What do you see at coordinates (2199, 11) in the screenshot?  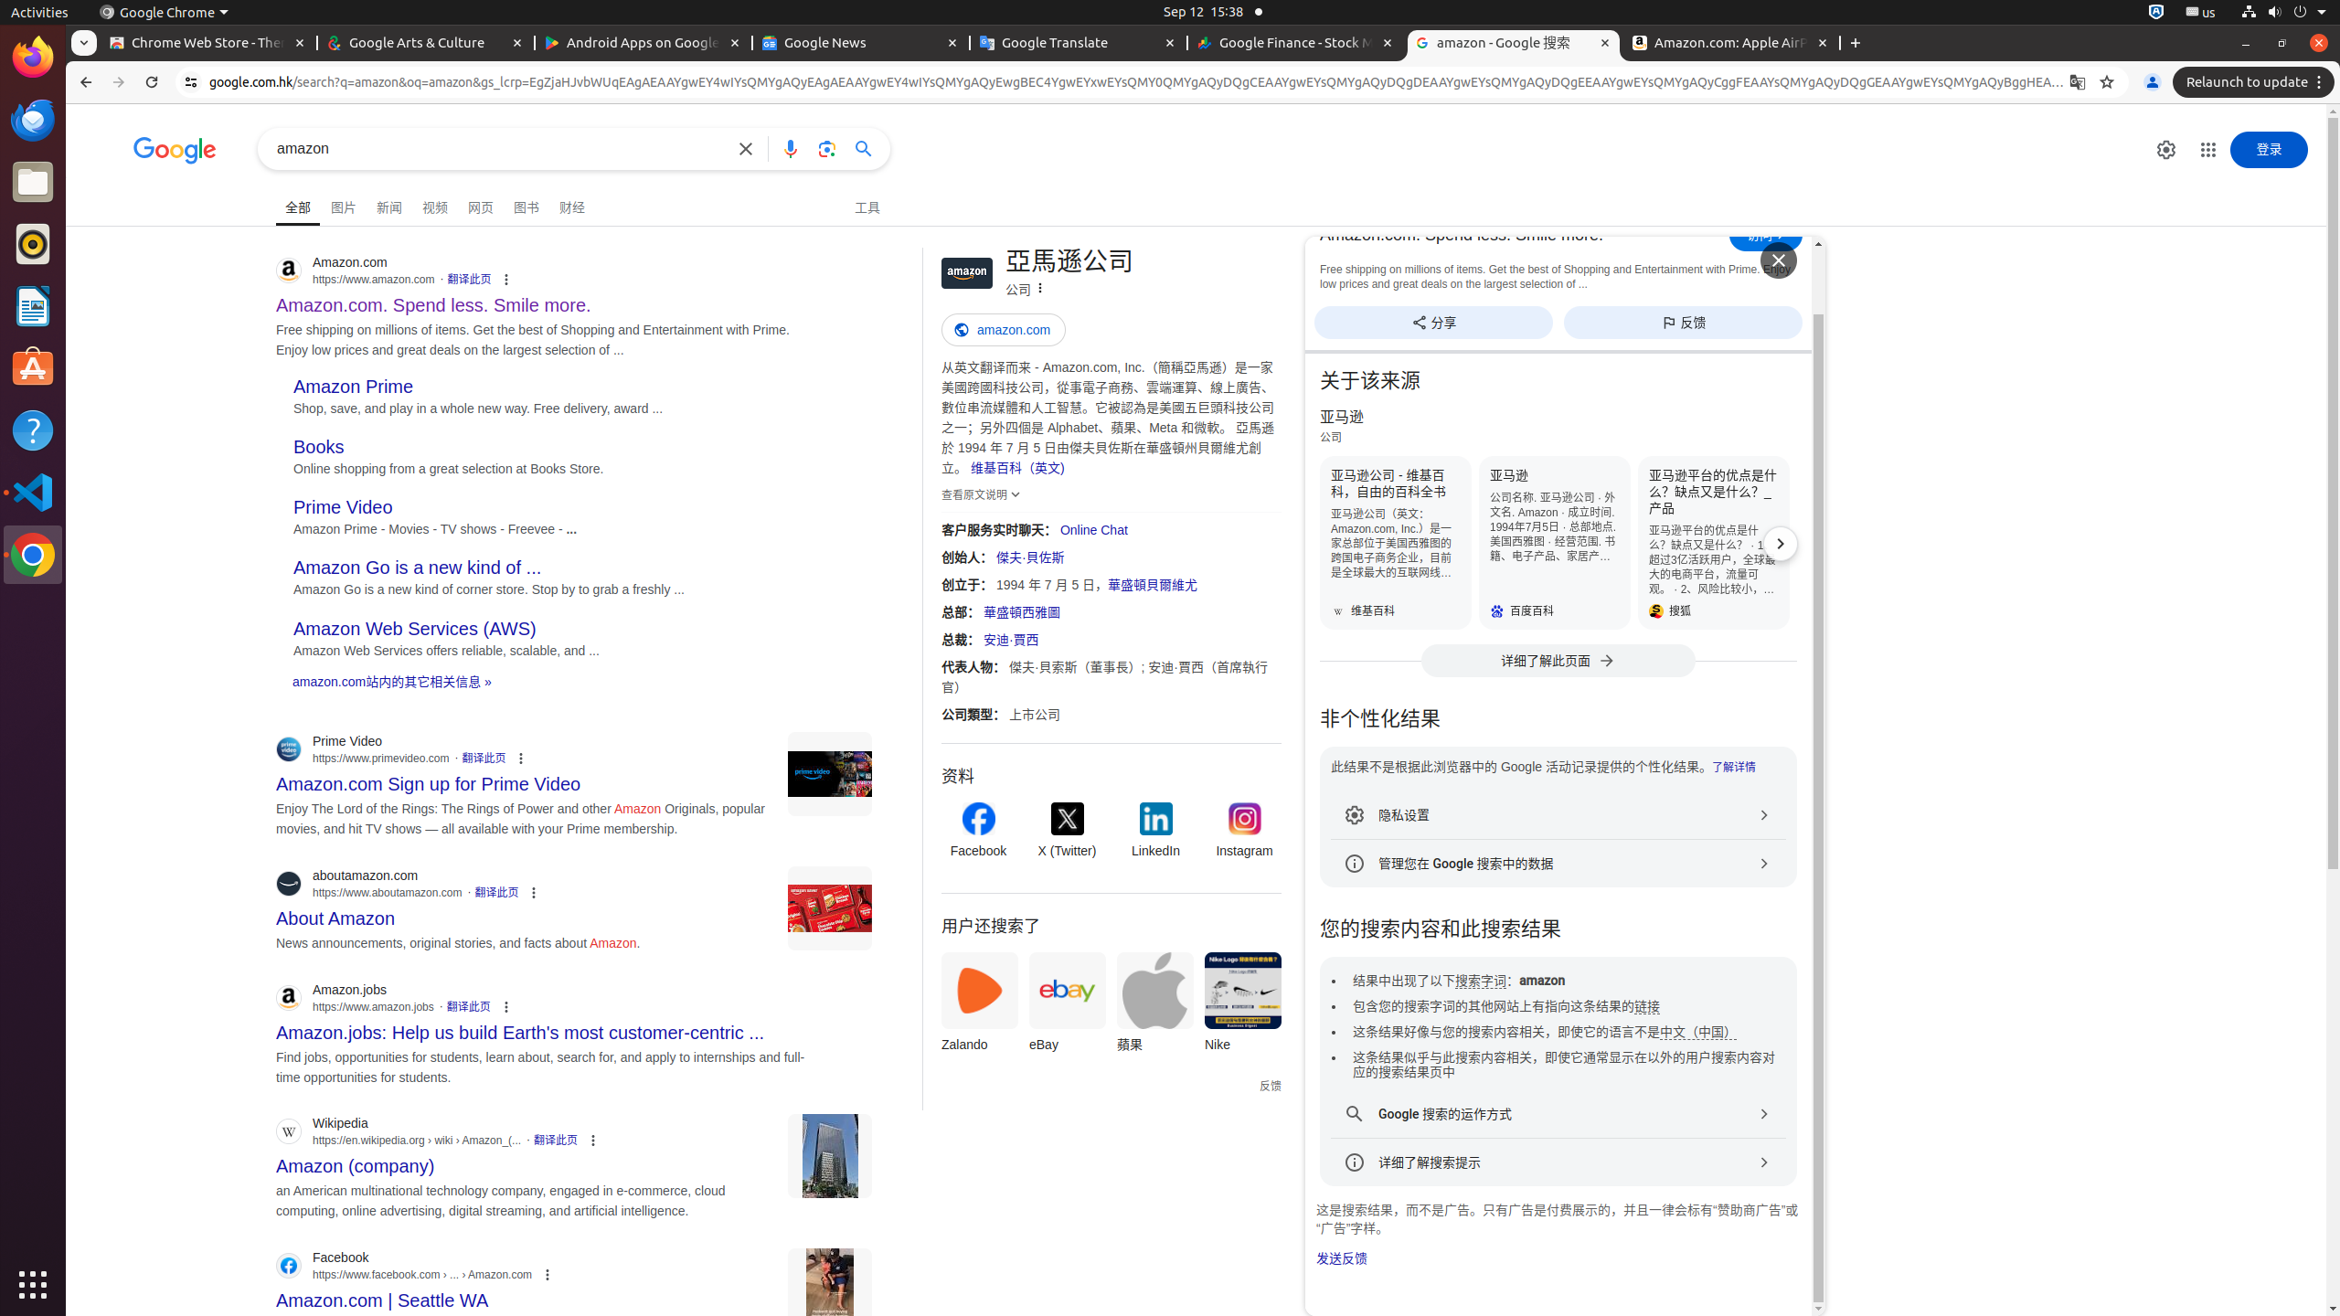 I see `':1.21/StatusNotifierItem'` at bounding box center [2199, 11].